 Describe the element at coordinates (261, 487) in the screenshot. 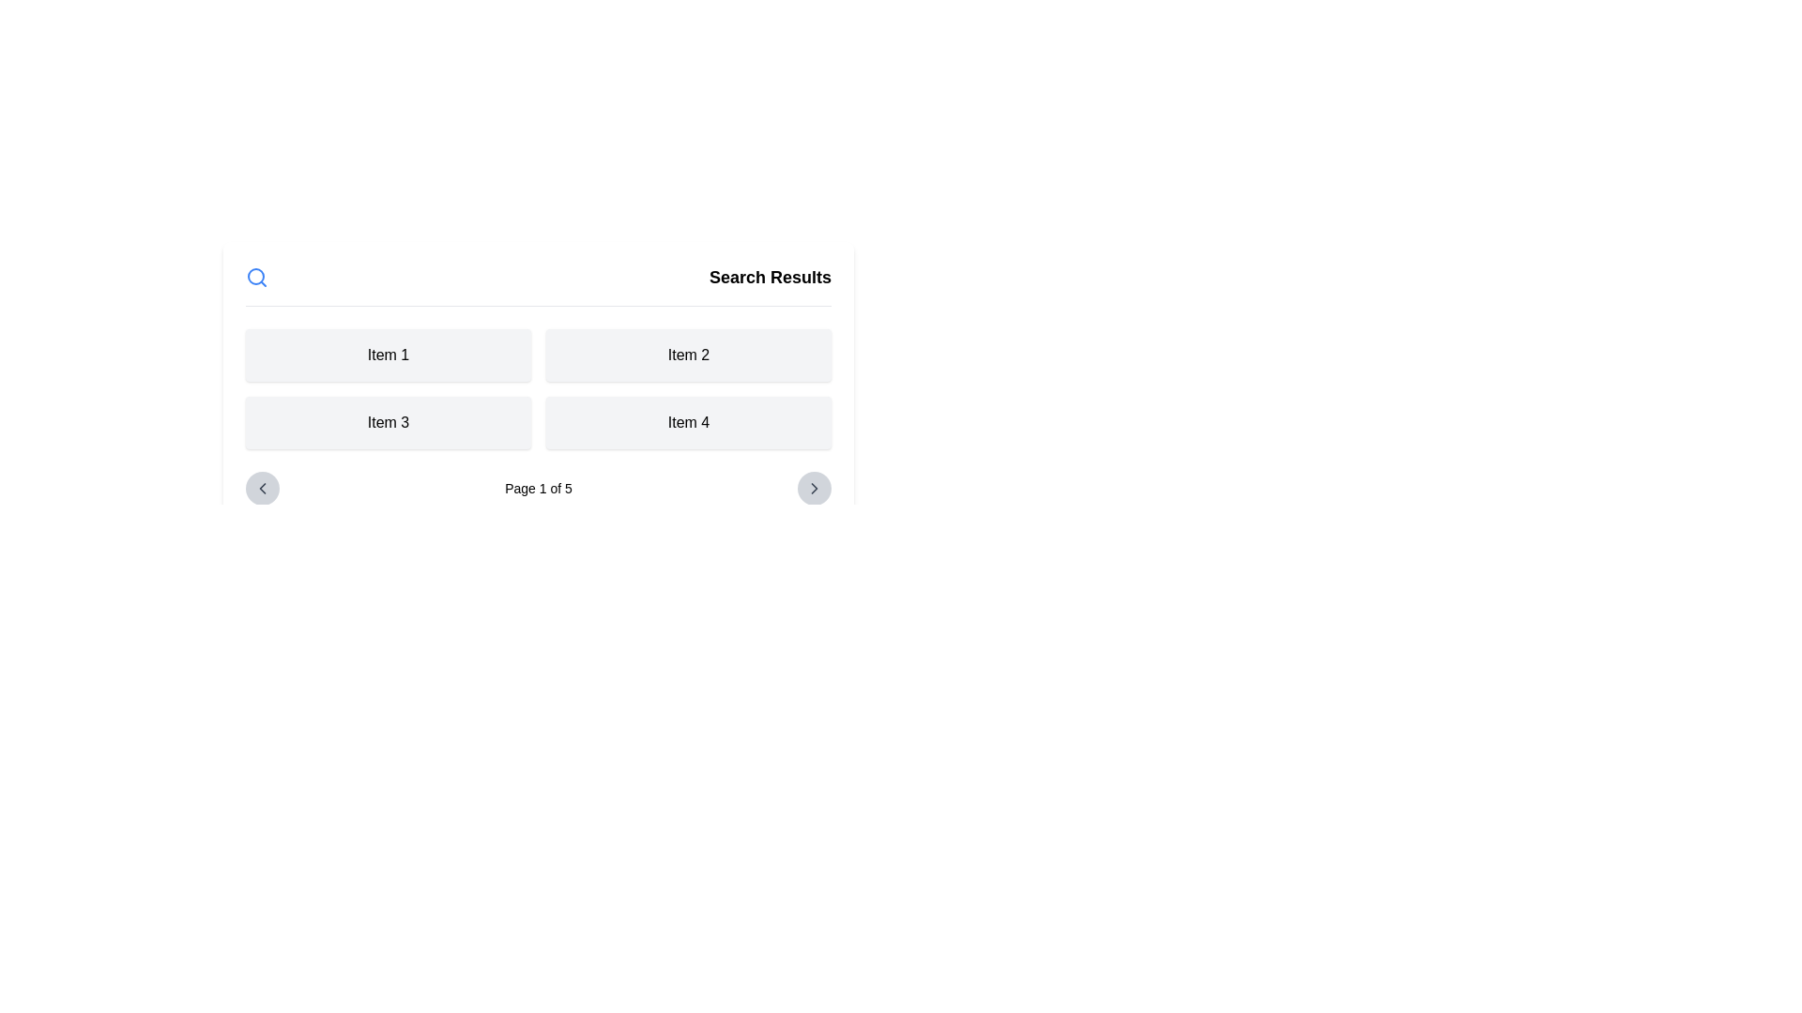

I see `the previous page navigation button located in the bottom section of the navigation bar` at that location.